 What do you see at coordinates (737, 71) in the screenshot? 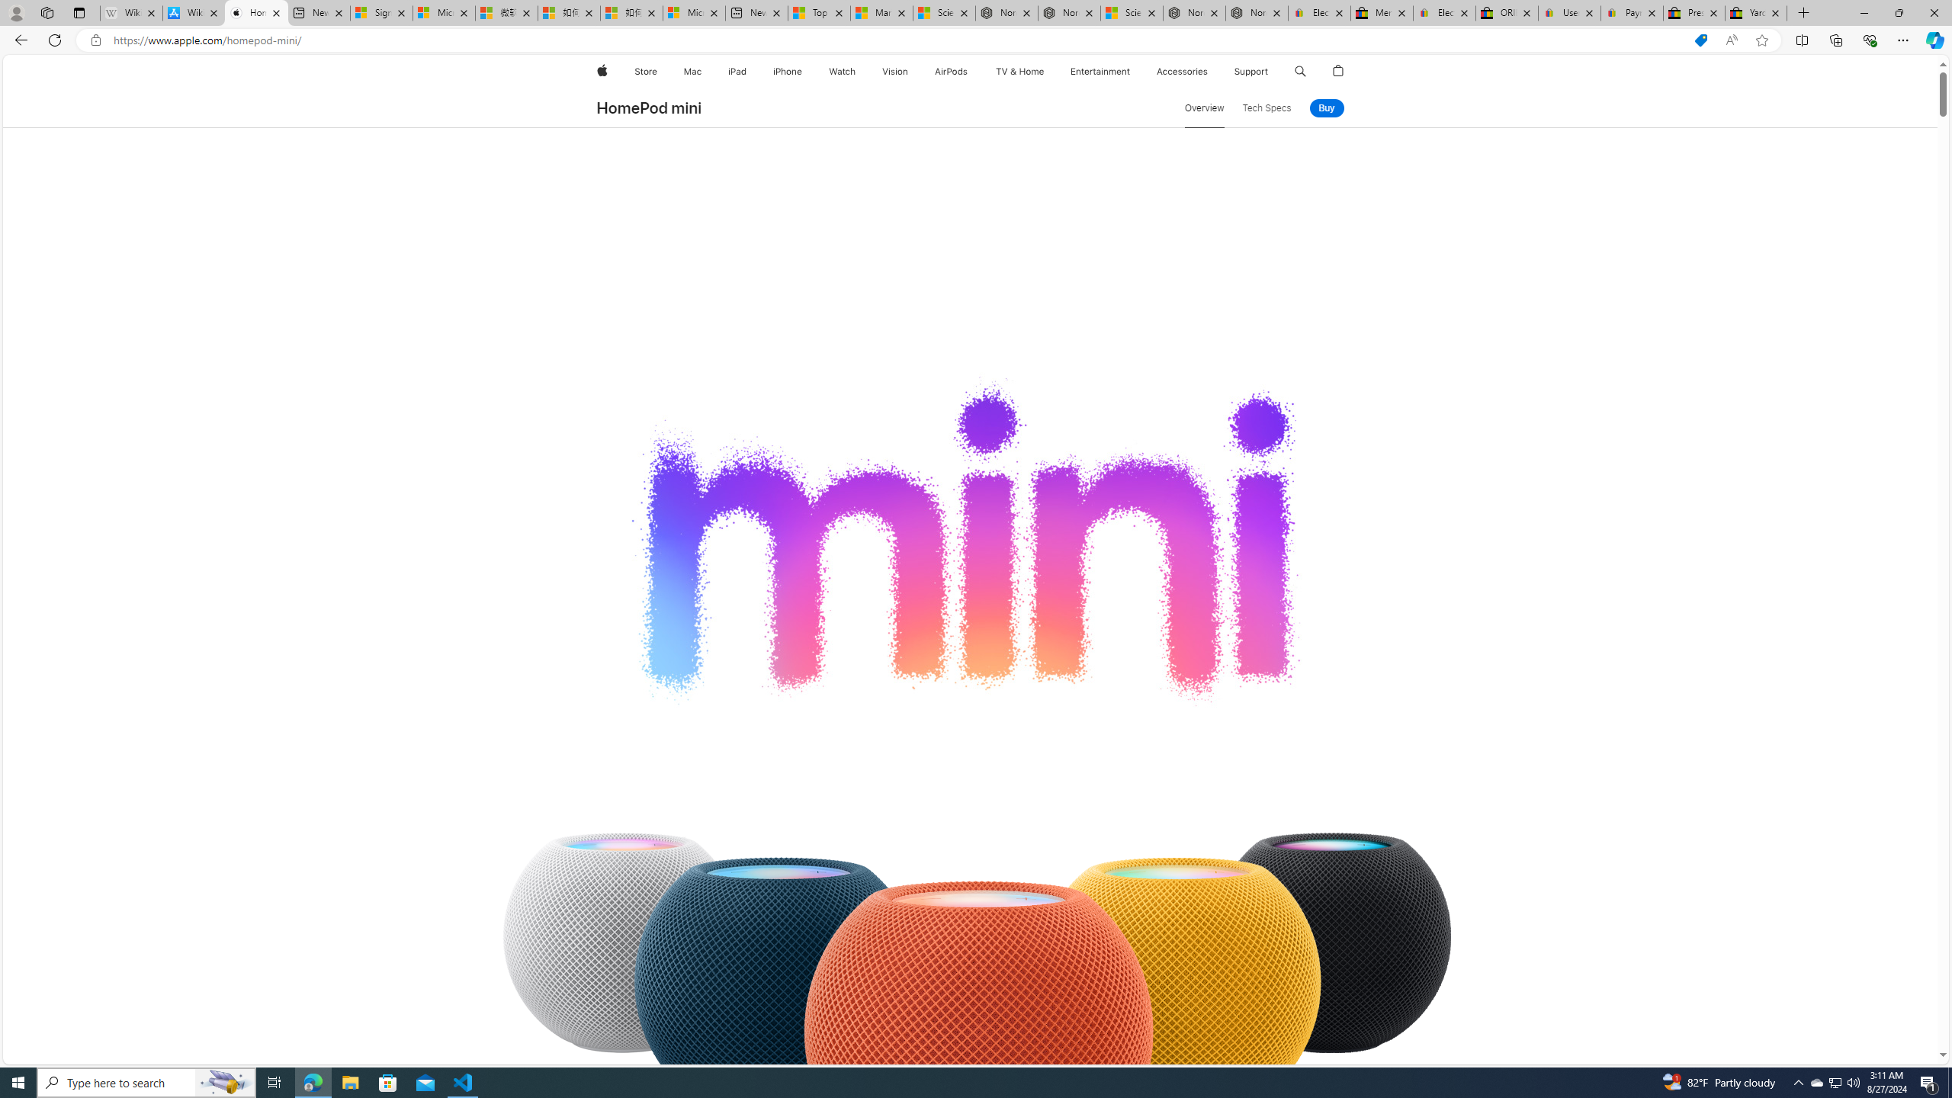
I see `'iPad'` at bounding box center [737, 71].